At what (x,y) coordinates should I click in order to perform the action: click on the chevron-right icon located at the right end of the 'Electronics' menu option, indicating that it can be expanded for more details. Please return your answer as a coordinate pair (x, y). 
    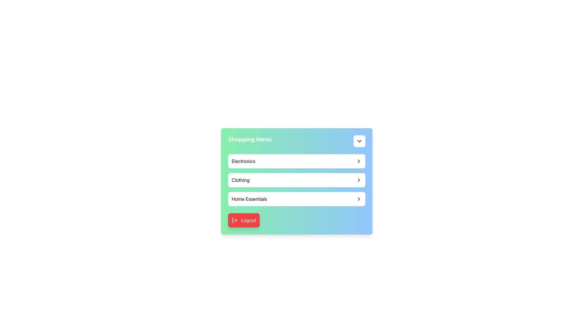
    Looking at the image, I should click on (359, 161).